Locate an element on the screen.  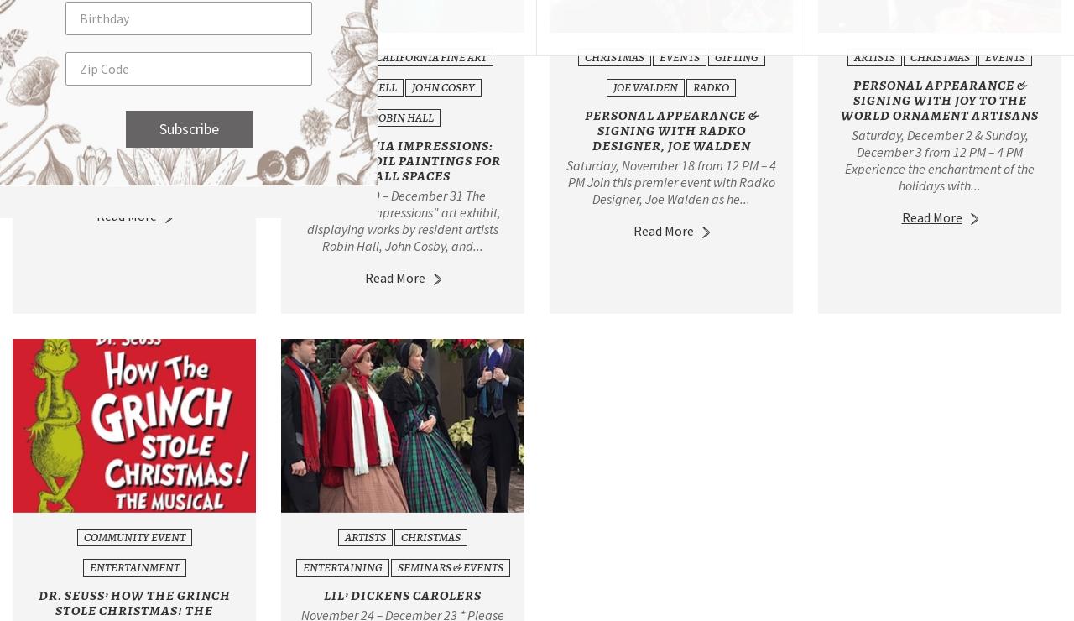
'Radko' is located at coordinates (711, 87).